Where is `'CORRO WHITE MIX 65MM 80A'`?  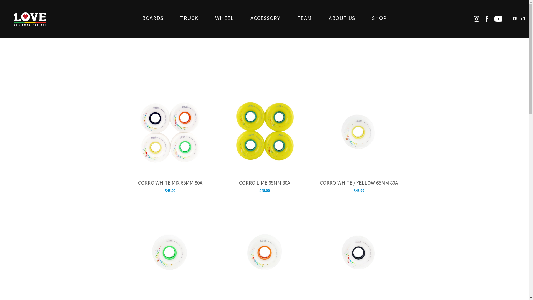
'CORRO WHITE MIX 65MM 80A' is located at coordinates (169, 183).